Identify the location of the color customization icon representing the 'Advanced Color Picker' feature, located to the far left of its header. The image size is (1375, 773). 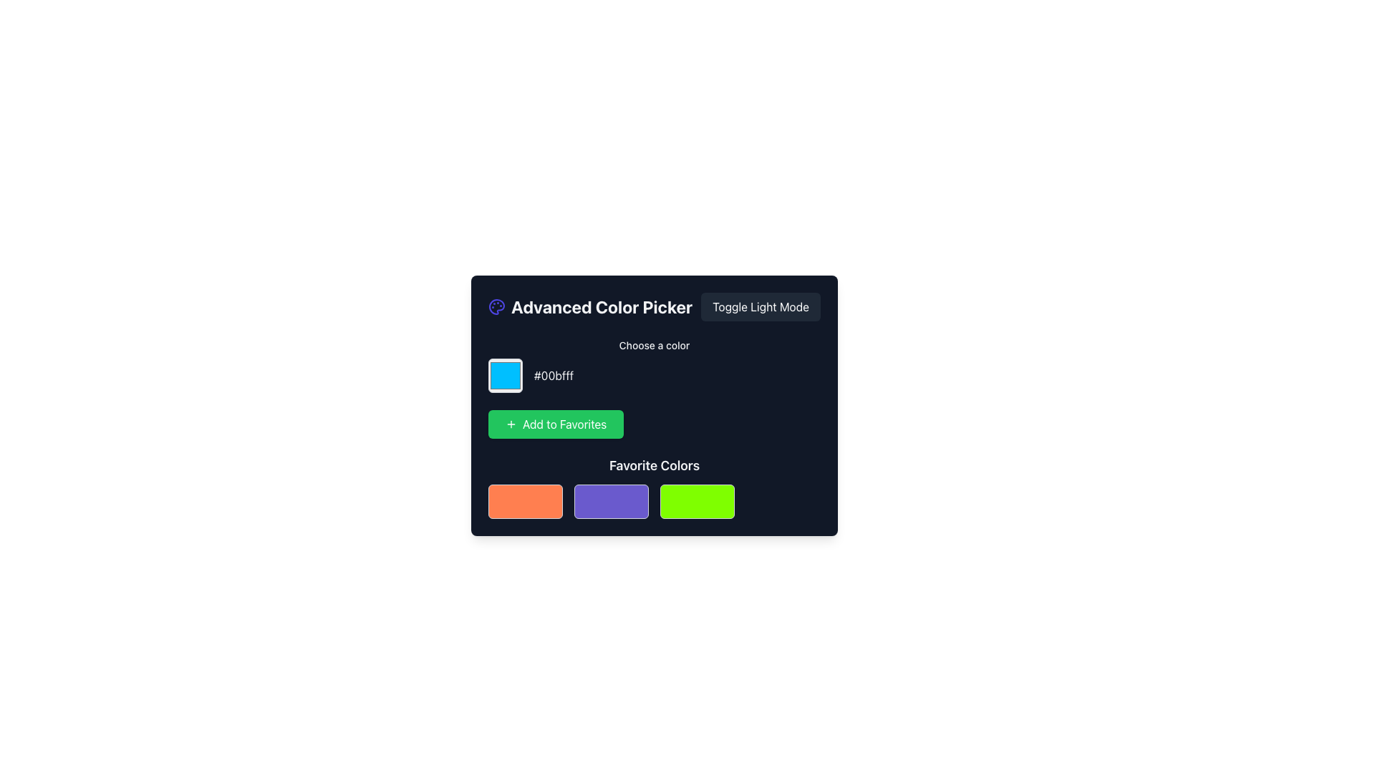
(497, 306).